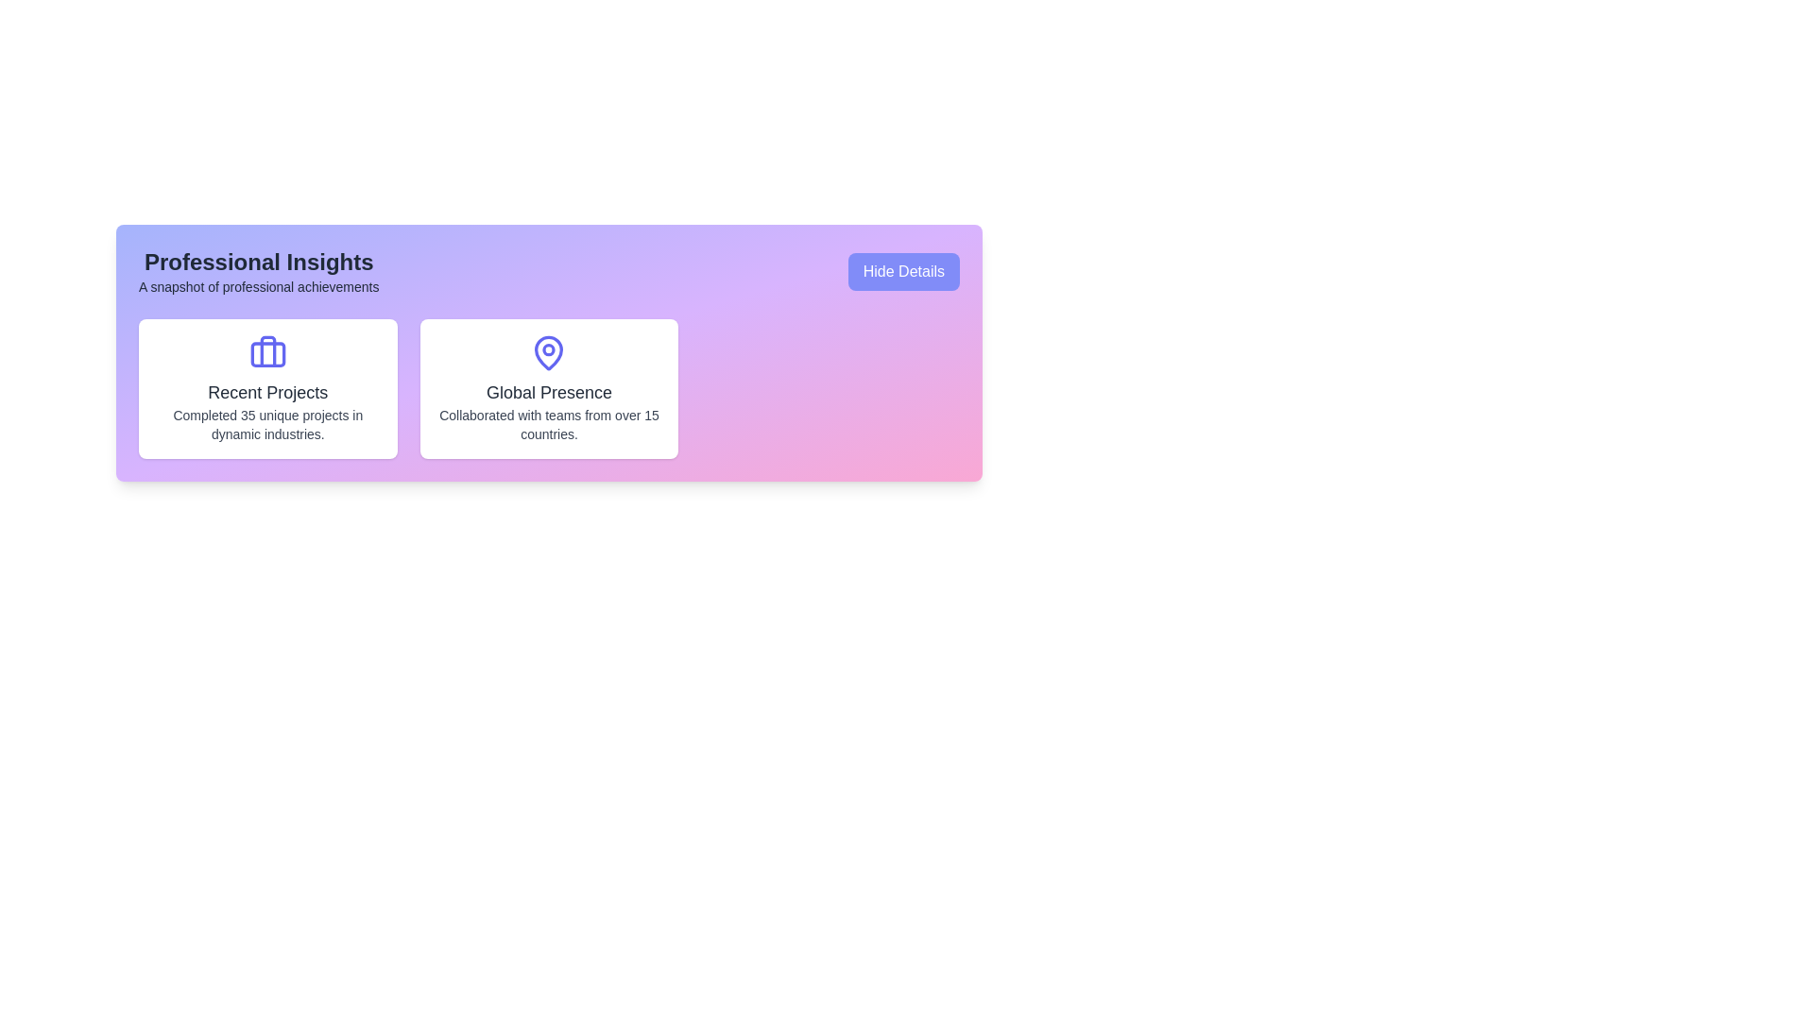 The width and height of the screenshot is (1814, 1020). What do you see at coordinates (266, 351) in the screenshot?
I see `the vertical rectangular shape in the icon area of the 'Recent Projects' card, which is positioned in the top-left card` at bounding box center [266, 351].